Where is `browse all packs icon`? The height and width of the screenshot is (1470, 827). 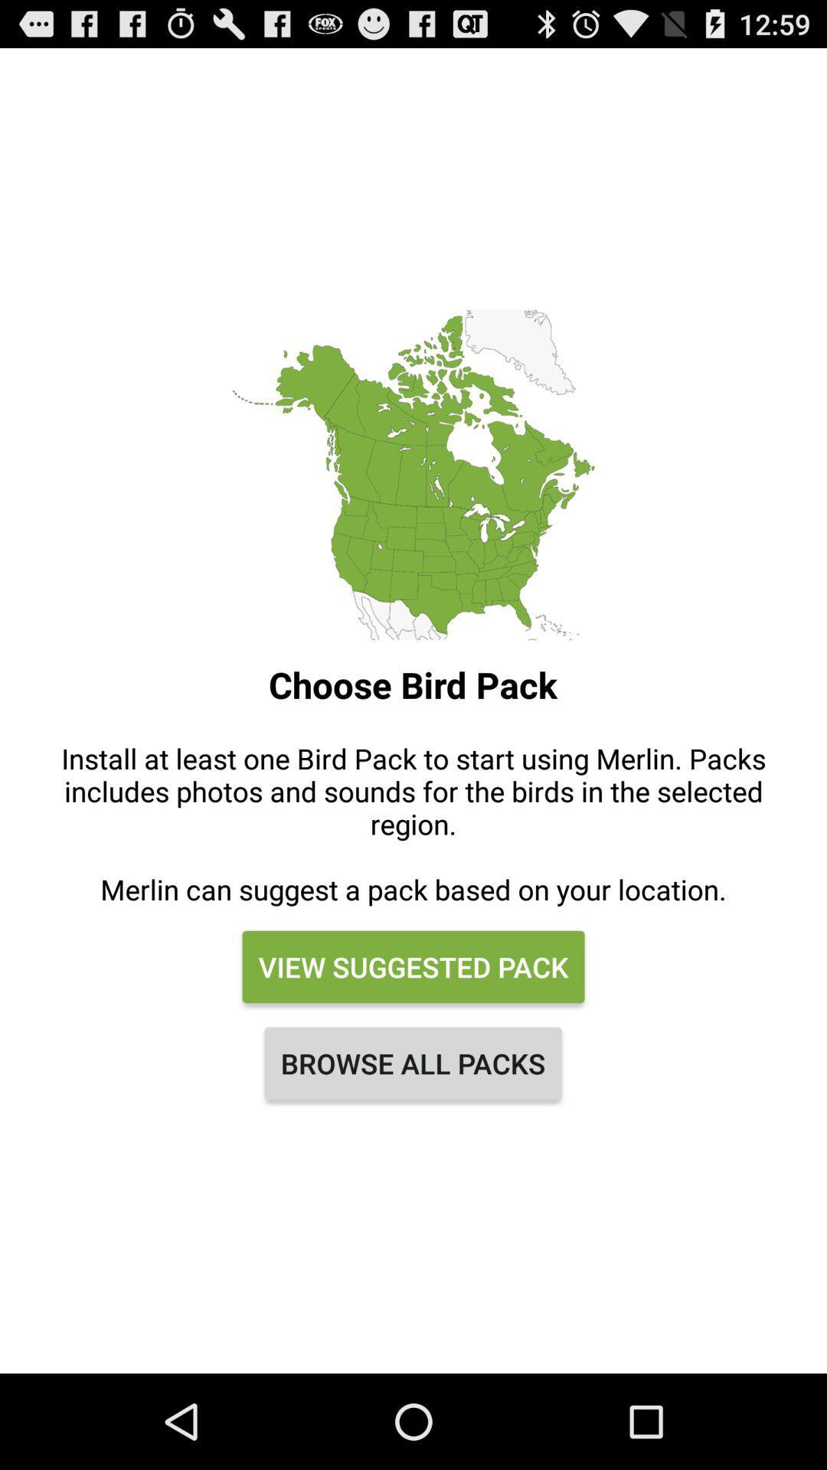
browse all packs icon is located at coordinates (412, 1062).